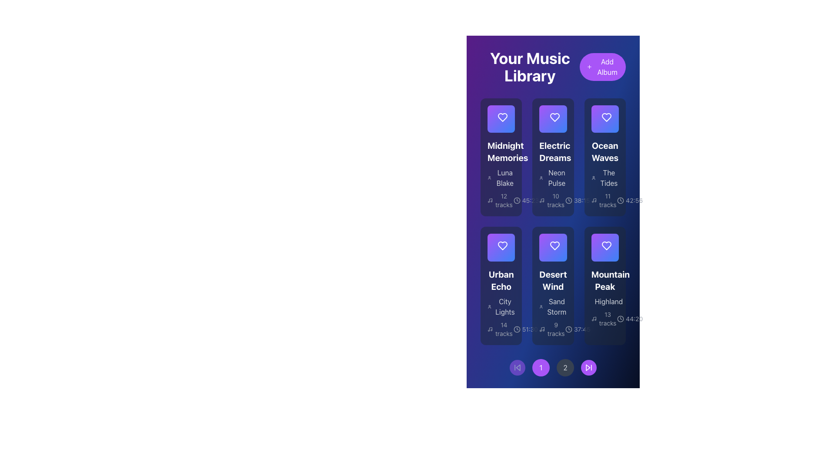 The height and width of the screenshot is (470, 835). What do you see at coordinates (565, 367) in the screenshot?
I see `the circular button with a dark gray background and a light gray number '2' in the center` at bounding box center [565, 367].